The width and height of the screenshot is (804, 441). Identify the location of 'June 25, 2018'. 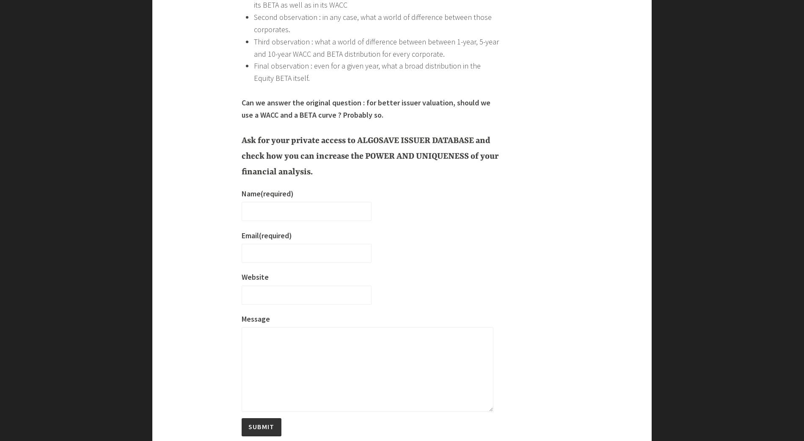
(191, 8).